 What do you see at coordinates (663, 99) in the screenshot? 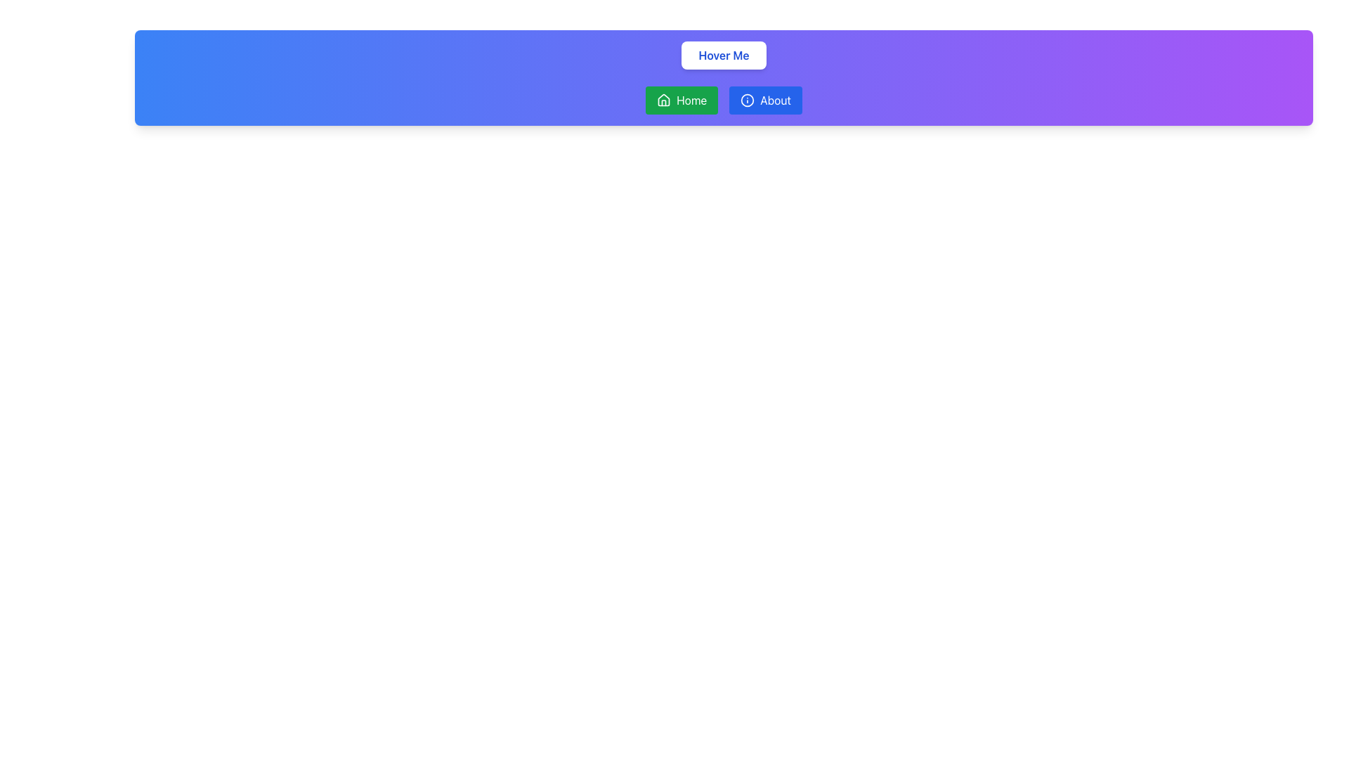
I see `the 'Home' button which contains the house icon on a green background` at bounding box center [663, 99].